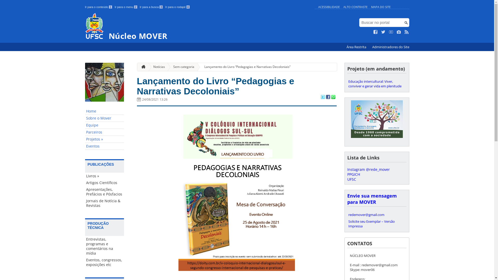 This screenshot has height=280, width=498. Describe the element at coordinates (114, 7) in the screenshot. I see `'Ir para o menu 2'` at that location.